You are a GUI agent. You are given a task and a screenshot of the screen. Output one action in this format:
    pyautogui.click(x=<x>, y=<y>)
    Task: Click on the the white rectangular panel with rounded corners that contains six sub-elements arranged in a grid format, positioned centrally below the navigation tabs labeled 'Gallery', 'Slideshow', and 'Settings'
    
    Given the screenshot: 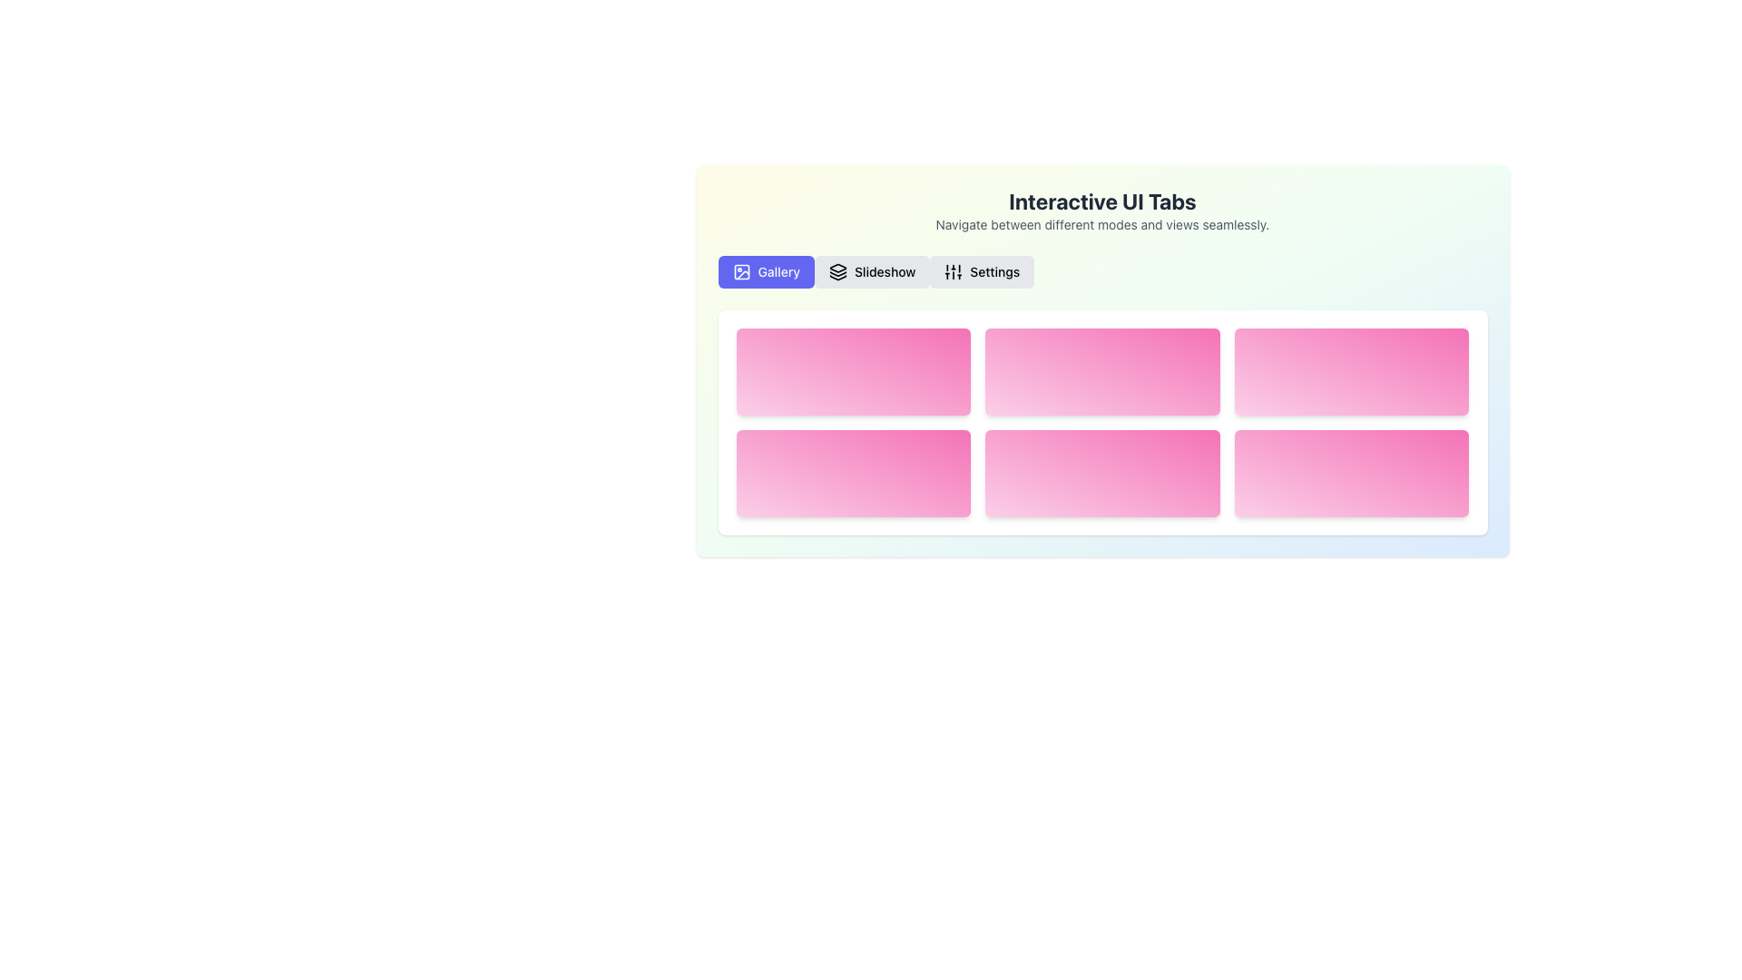 What is the action you would take?
    pyautogui.click(x=1101, y=423)
    